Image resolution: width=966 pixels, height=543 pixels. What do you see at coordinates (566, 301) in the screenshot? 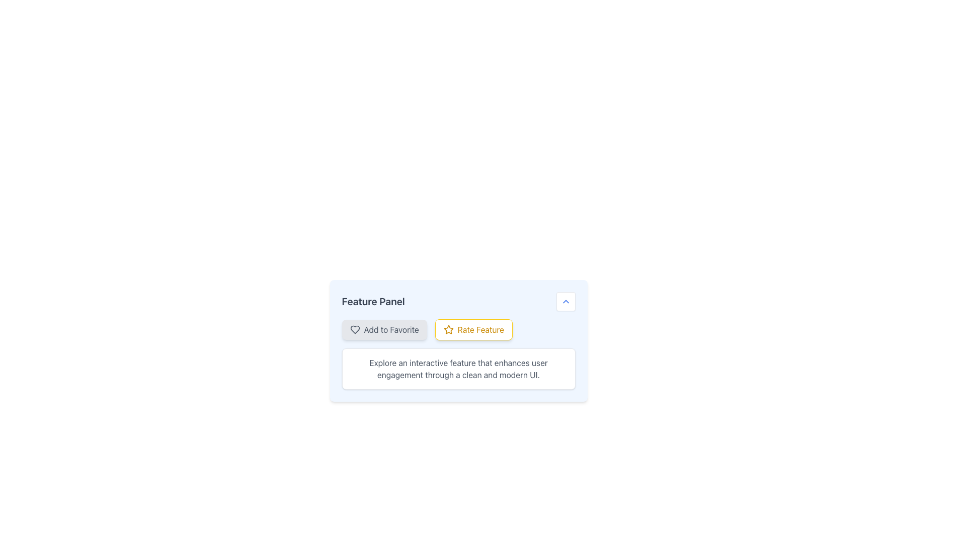
I see `the Chevron Up icon located in the top-right corner of the 'Feature Panel' section` at bounding box center [566, 301].